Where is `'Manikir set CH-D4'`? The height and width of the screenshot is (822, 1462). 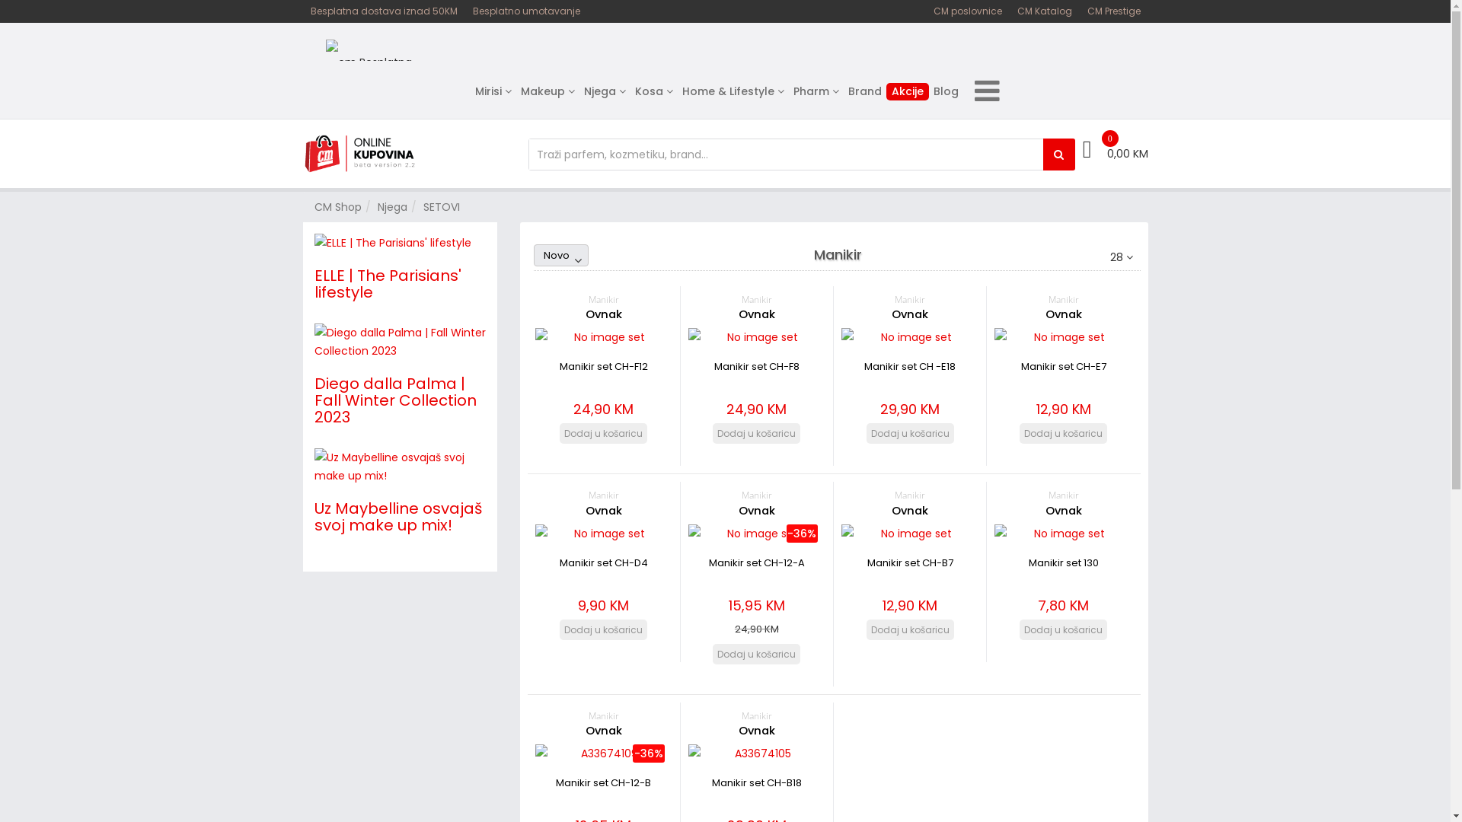 'Manikir set CH-D4' is located at coordinates (602, 533).